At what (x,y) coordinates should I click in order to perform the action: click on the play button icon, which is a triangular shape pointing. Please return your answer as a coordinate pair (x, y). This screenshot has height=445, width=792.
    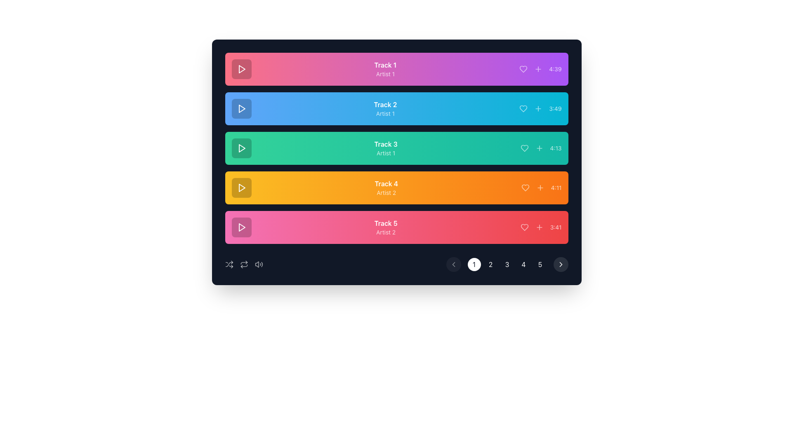
    Looking at the image, I should click on (241, 69).